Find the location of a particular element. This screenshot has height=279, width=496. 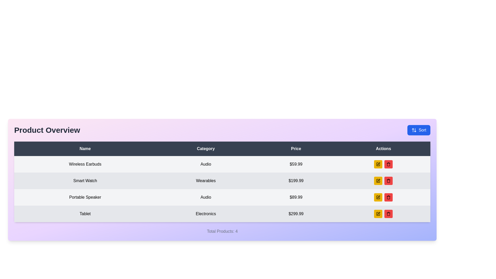

the stylized SVG icon located in the 'Actions' column, which is aligned with the third row labeled 'Portable Speaker' on the right side of the interface is located at coordinates (378, 197).